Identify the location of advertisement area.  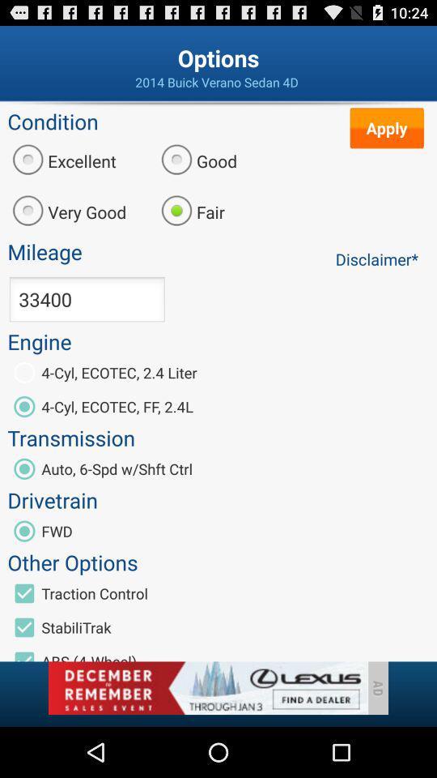
(207, 687).